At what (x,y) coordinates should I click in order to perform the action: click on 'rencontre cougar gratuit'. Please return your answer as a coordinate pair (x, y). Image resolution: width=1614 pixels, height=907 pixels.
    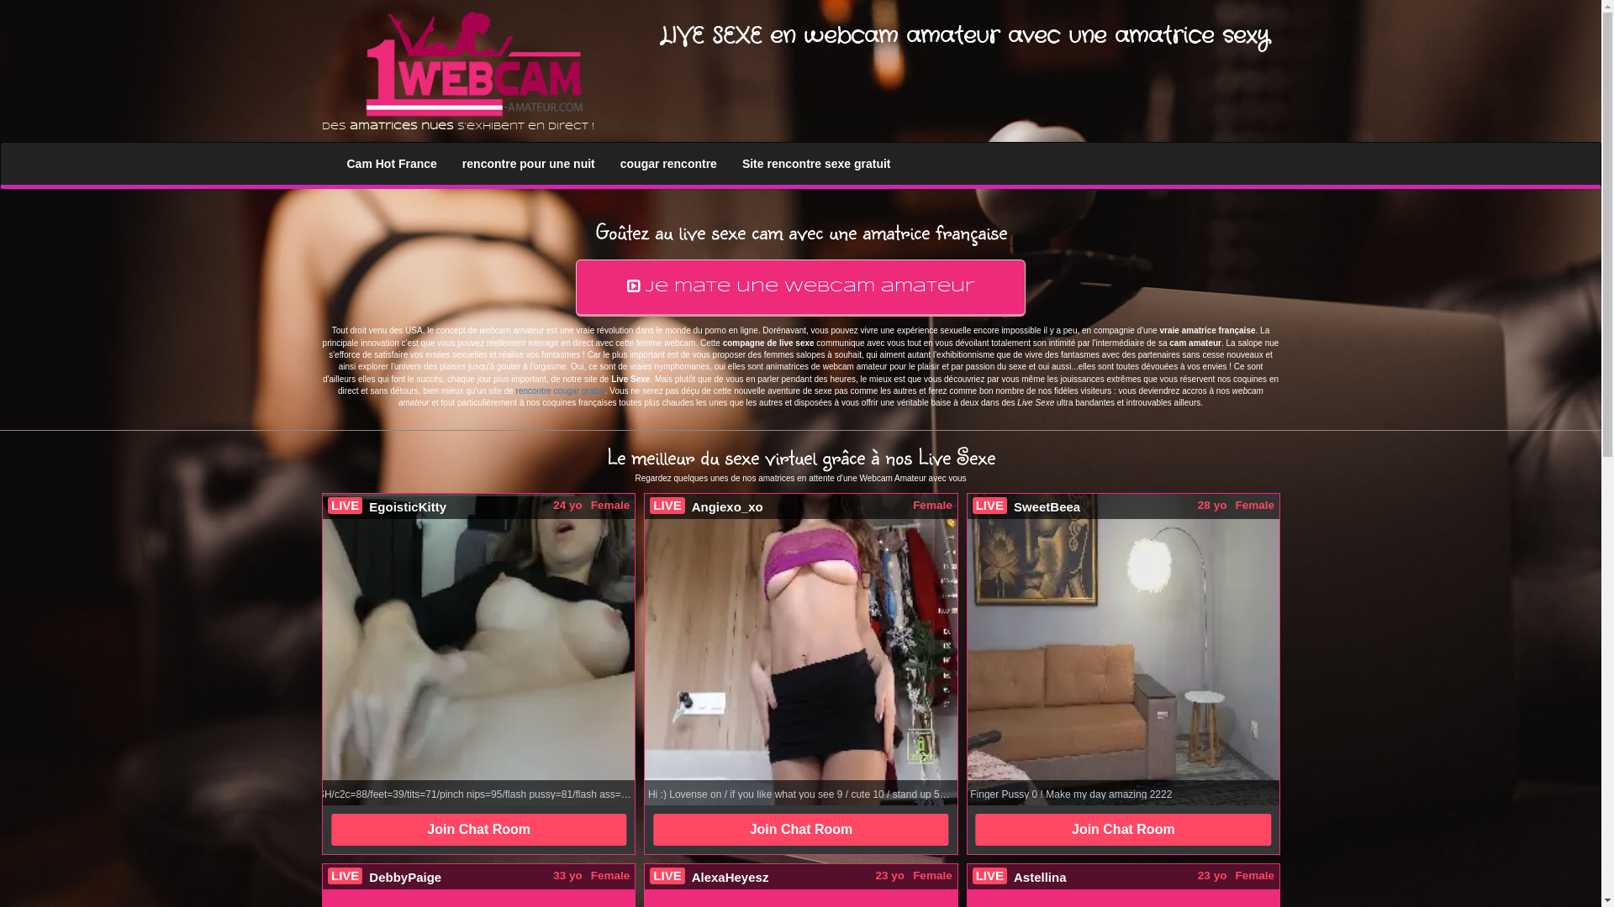
    Looking at the image, I should click on (561, 391).